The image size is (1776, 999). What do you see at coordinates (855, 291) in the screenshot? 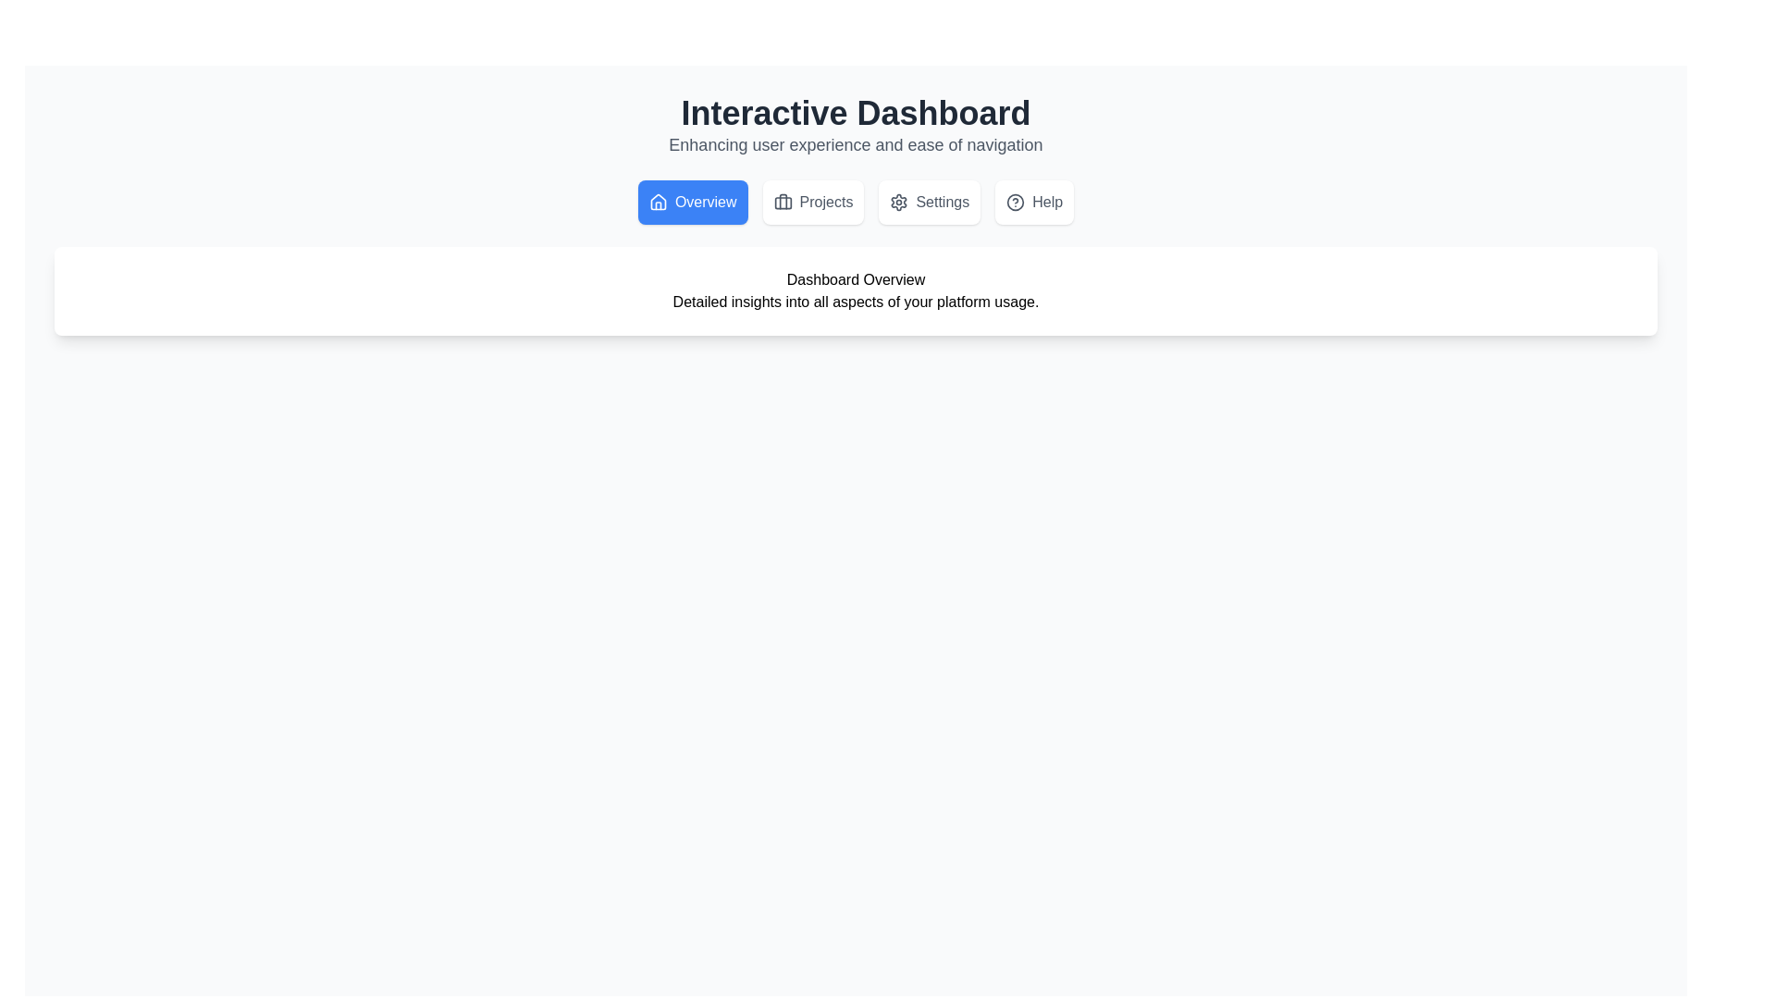
I see `the central Text block that provides an overview and description of the dashboard's purpose, located below the 'Interactive Dashboard' title and above the main content area` at bounding box center [855, 291].